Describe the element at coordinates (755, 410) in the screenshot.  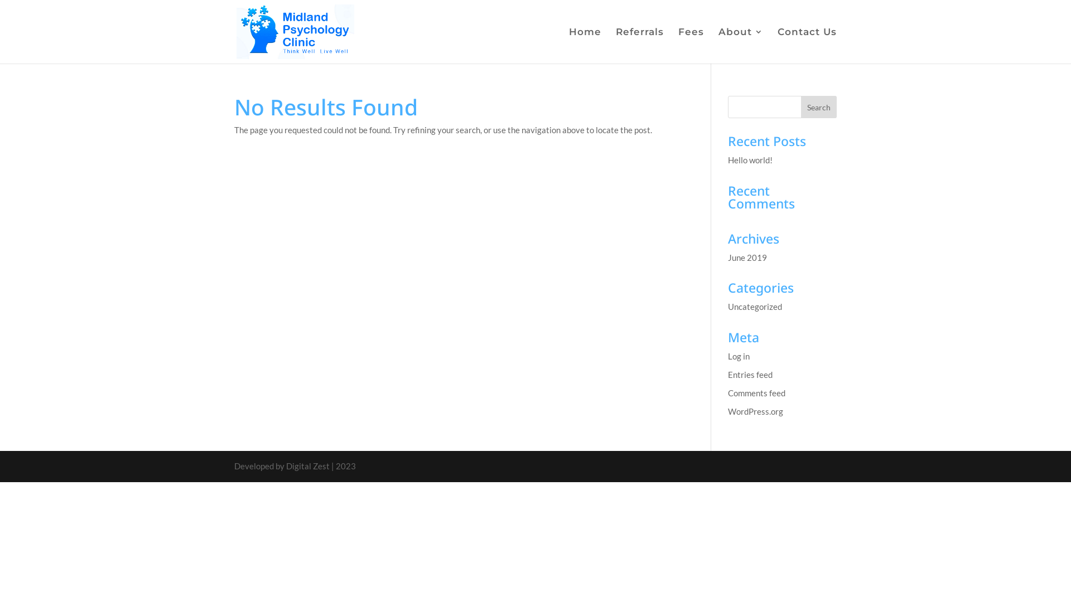
I see `'WordPress.org'` at that location.